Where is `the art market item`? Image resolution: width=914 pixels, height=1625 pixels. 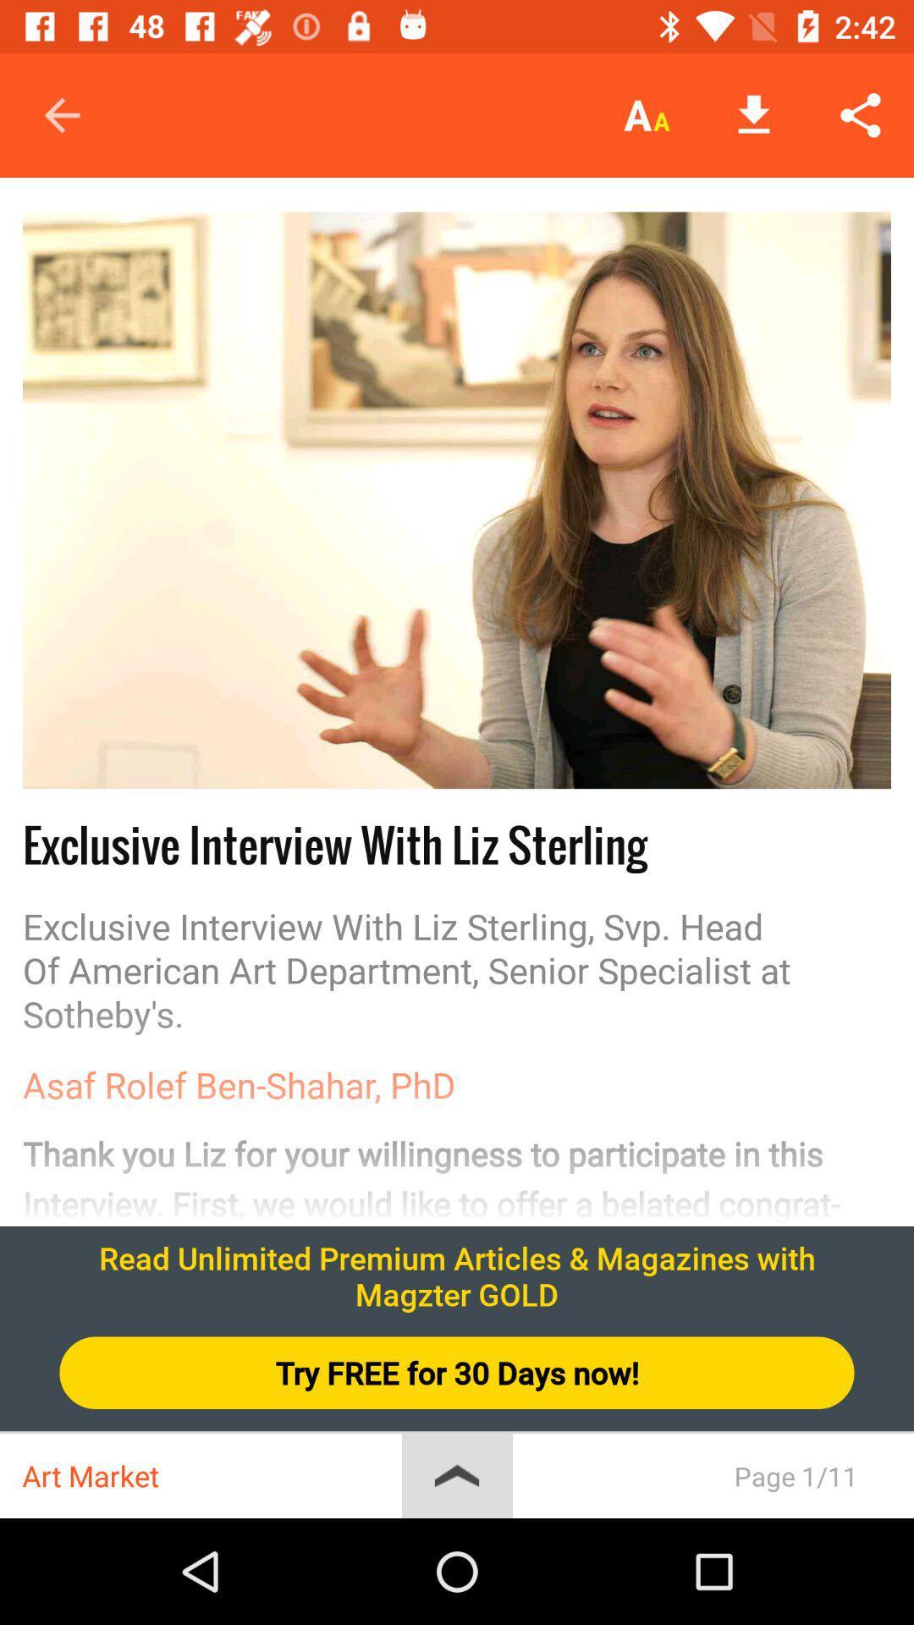
the art market item is located at coordinates (211, 1475).